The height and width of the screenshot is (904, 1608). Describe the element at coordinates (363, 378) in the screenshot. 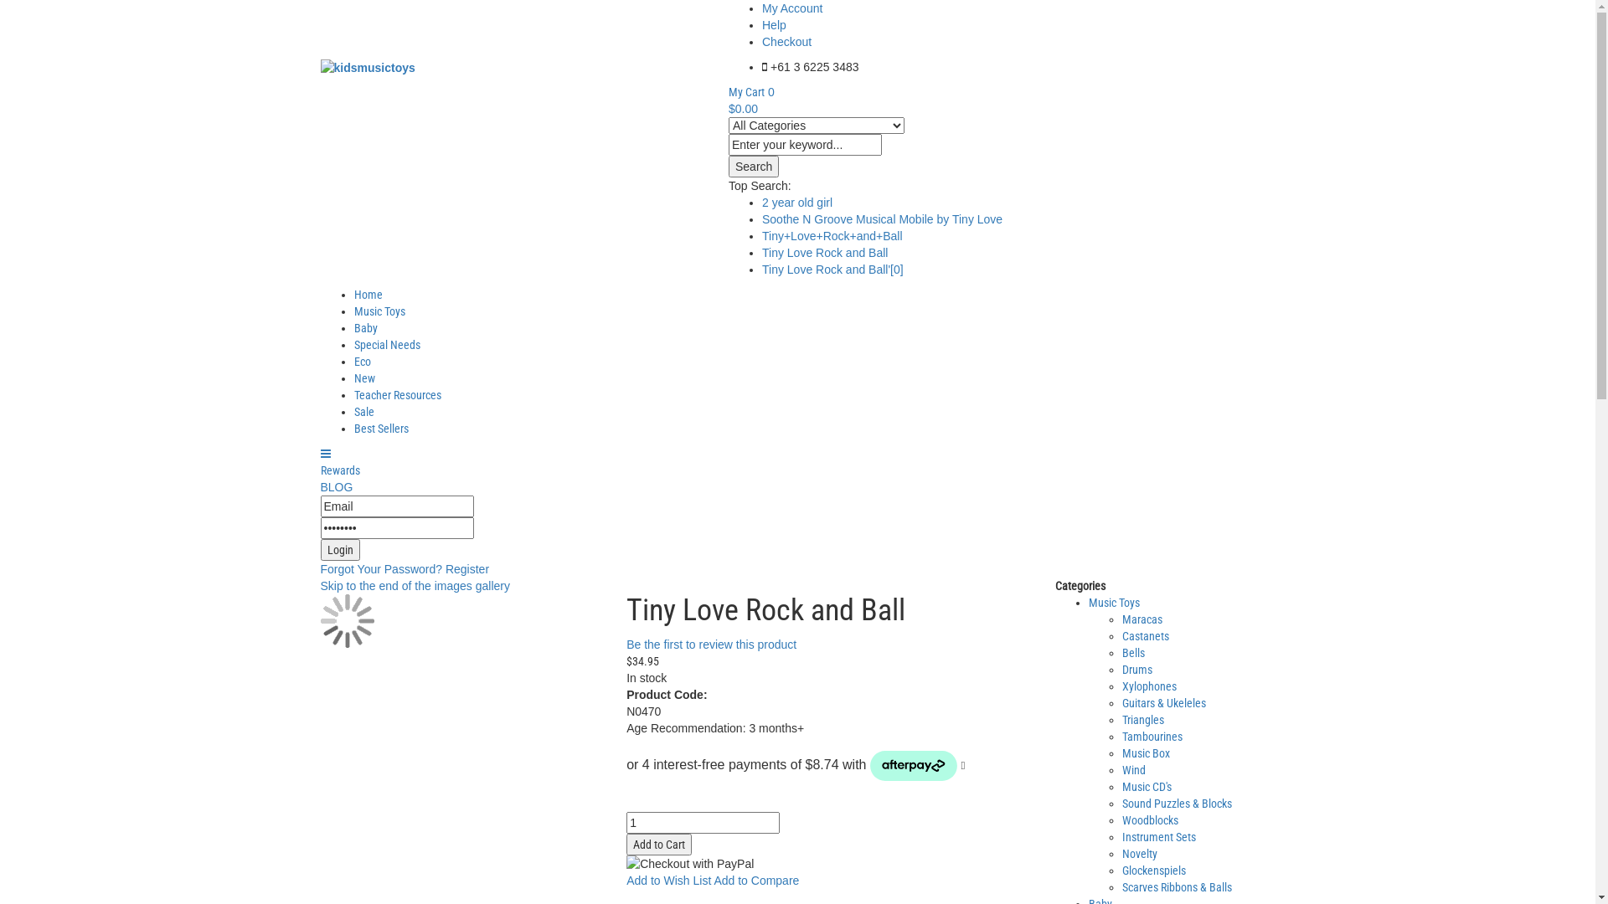

I see `'New'` at that location.